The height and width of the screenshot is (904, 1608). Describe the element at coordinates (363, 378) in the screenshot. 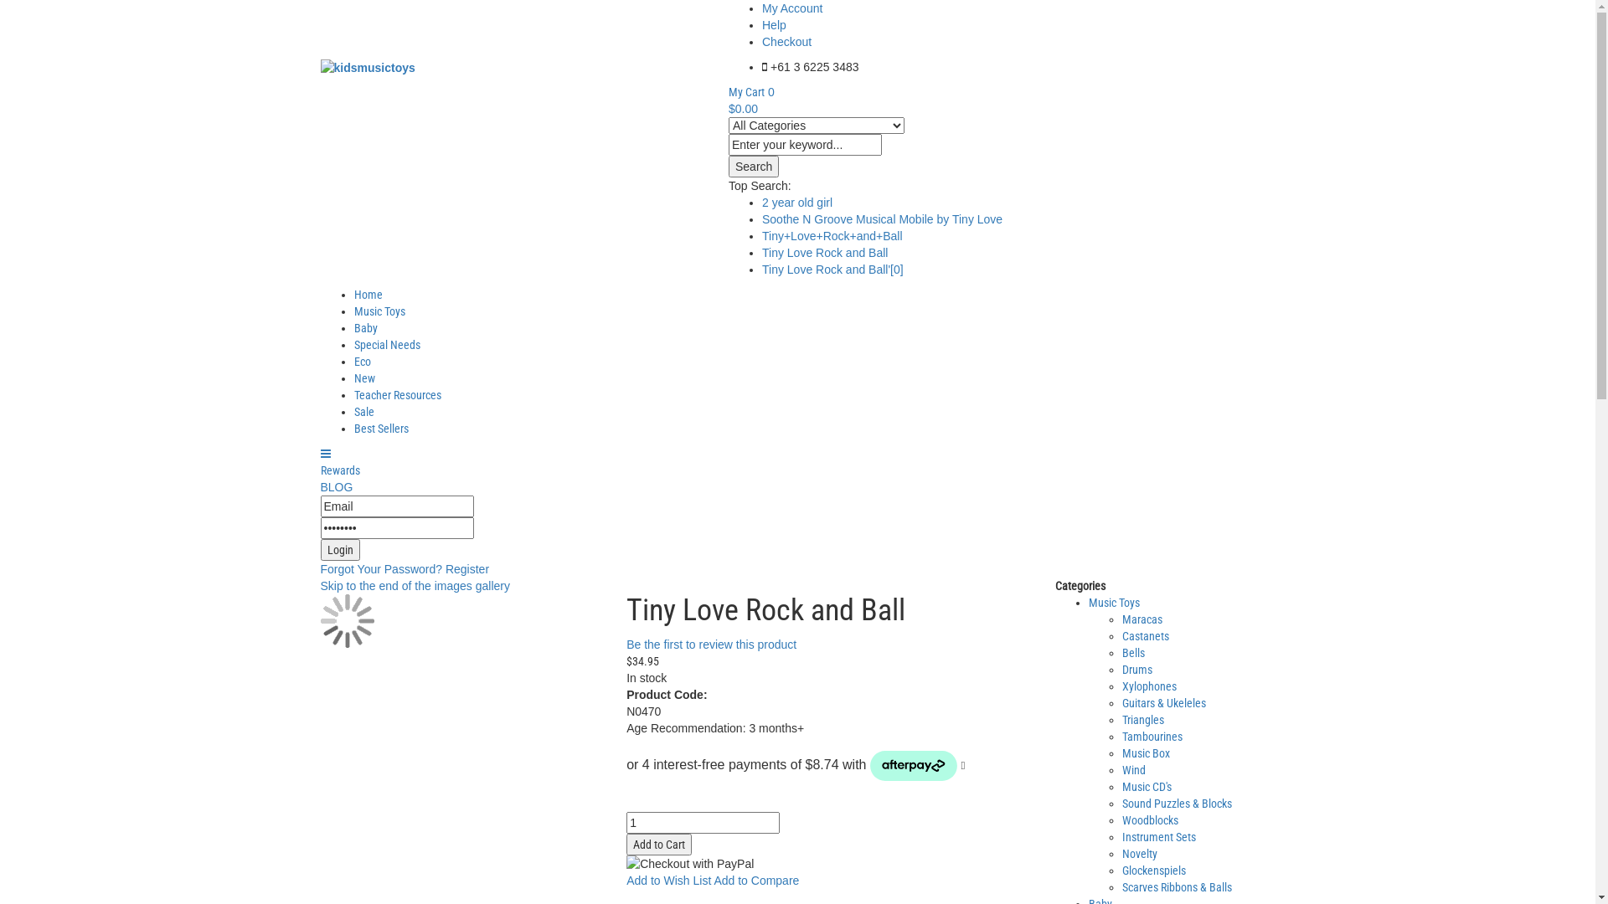

I see `'New'` at that location.